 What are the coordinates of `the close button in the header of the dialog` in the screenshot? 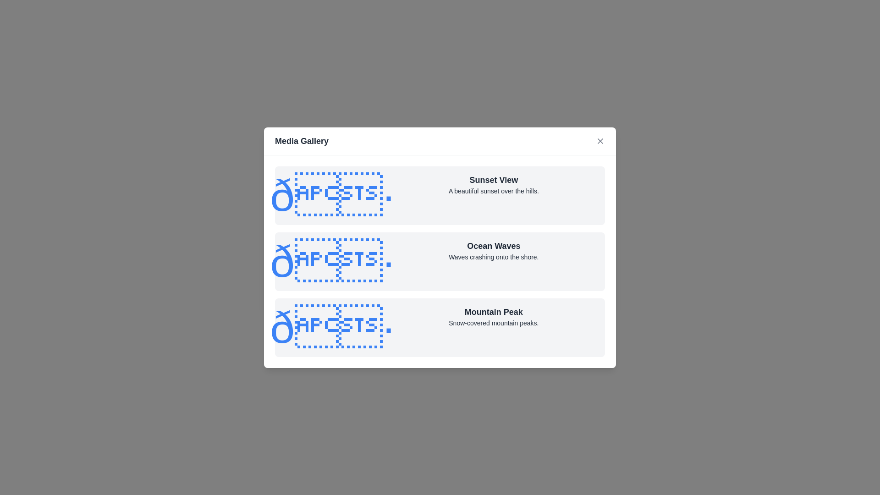 It's located at (600, 141).